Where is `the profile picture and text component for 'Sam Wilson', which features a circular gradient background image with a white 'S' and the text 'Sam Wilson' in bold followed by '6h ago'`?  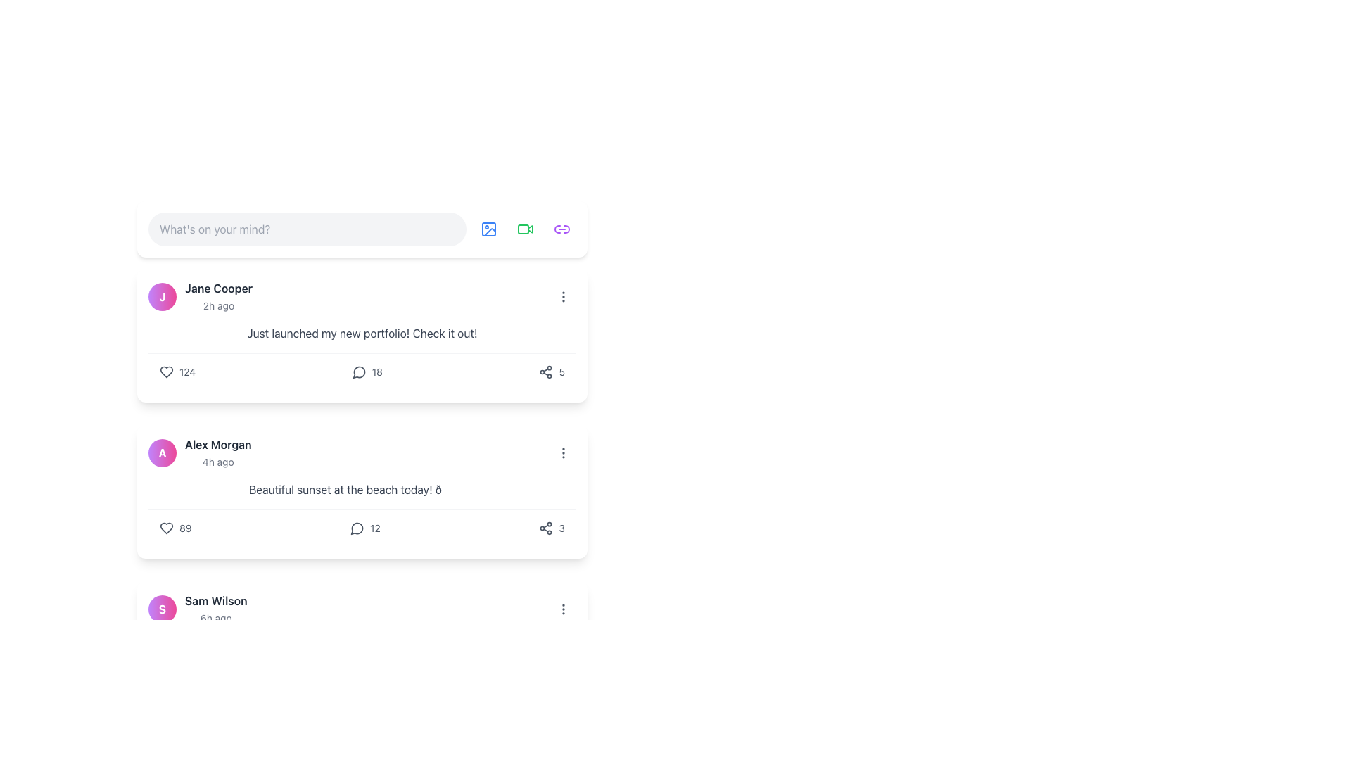 the profile picture and text component for 'Sam Wilson', which features a circular gradient background image with a white 'S' and the text 'Sam Wilson' in bold followed by '6h ago' is located at coordinates (197, 609).